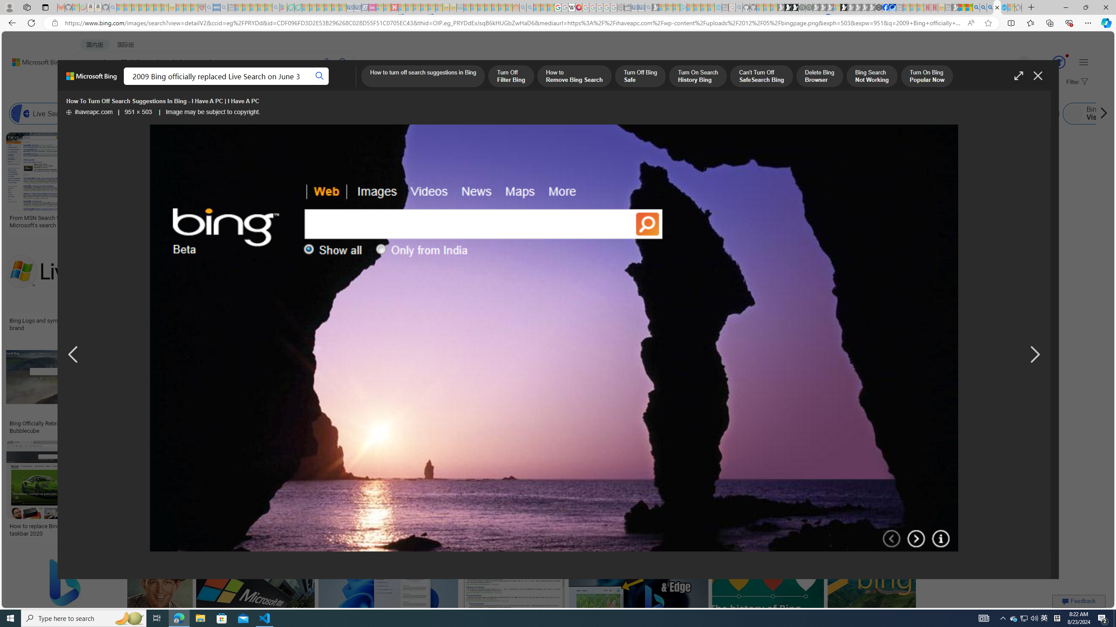 The width and height of the screenshot is (1116, 627). Describe the element at coordinates (697, 77) in the screenshot. I see `'Turn On Search History Bing'` at that location.